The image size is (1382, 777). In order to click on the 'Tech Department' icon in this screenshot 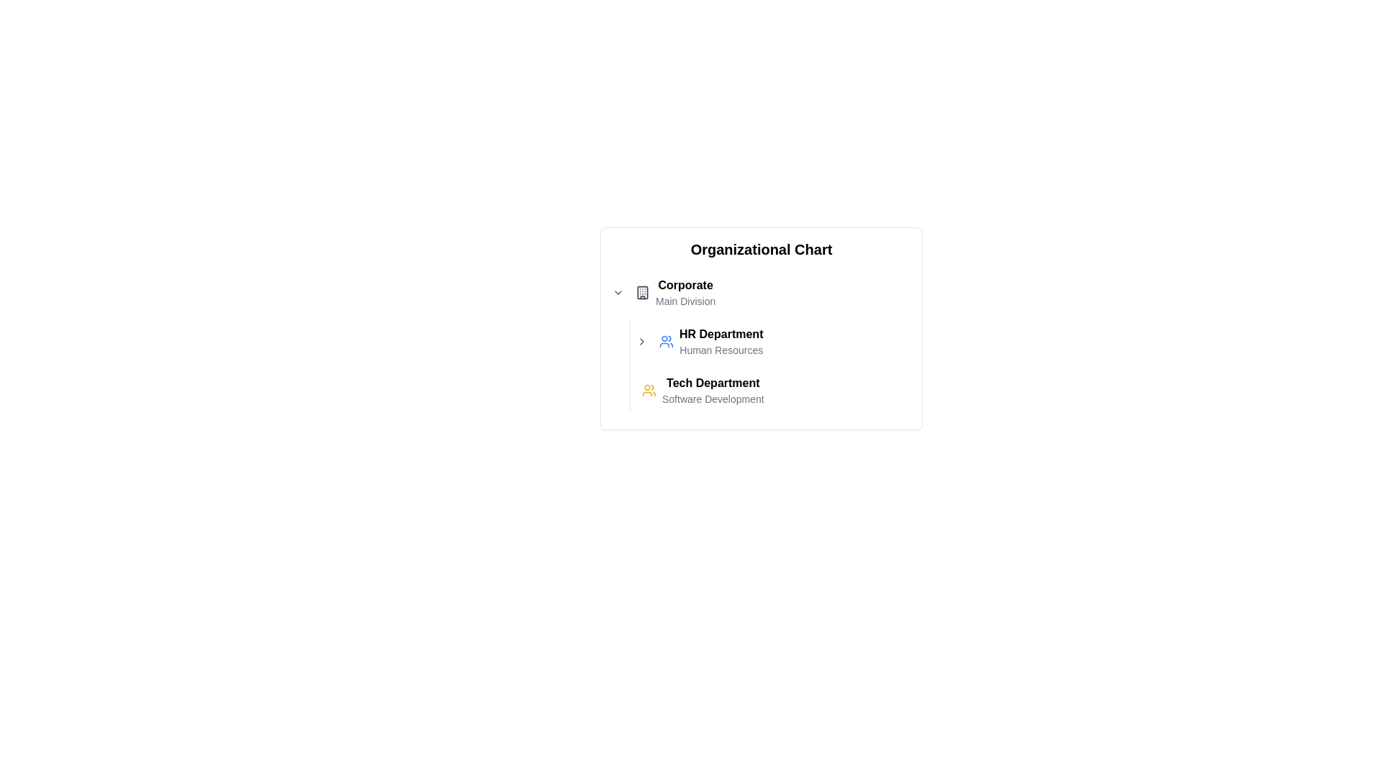, I will do `click(649, 391)`.